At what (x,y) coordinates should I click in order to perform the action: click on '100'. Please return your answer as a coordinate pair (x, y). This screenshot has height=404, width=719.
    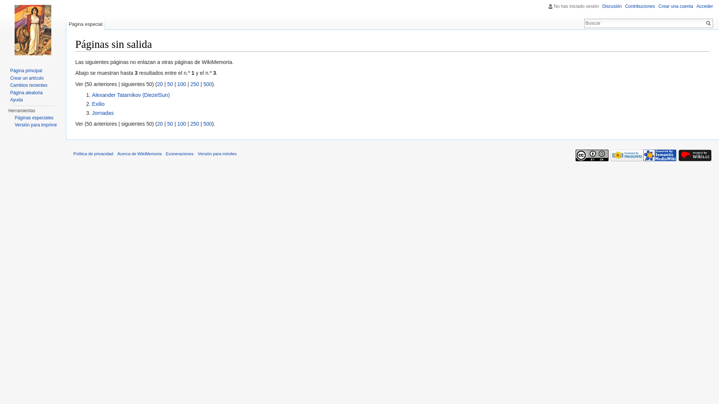
    Looking at the image, I should click on (177, 84).